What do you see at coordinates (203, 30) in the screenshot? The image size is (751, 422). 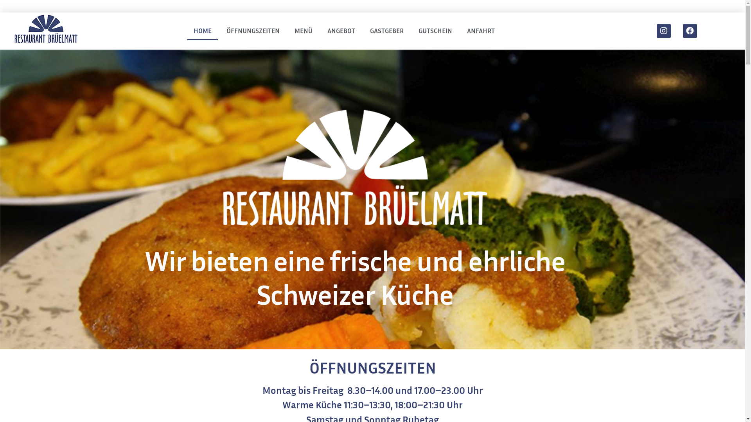 I see `'HOME'` at bounding box center [203, 30].